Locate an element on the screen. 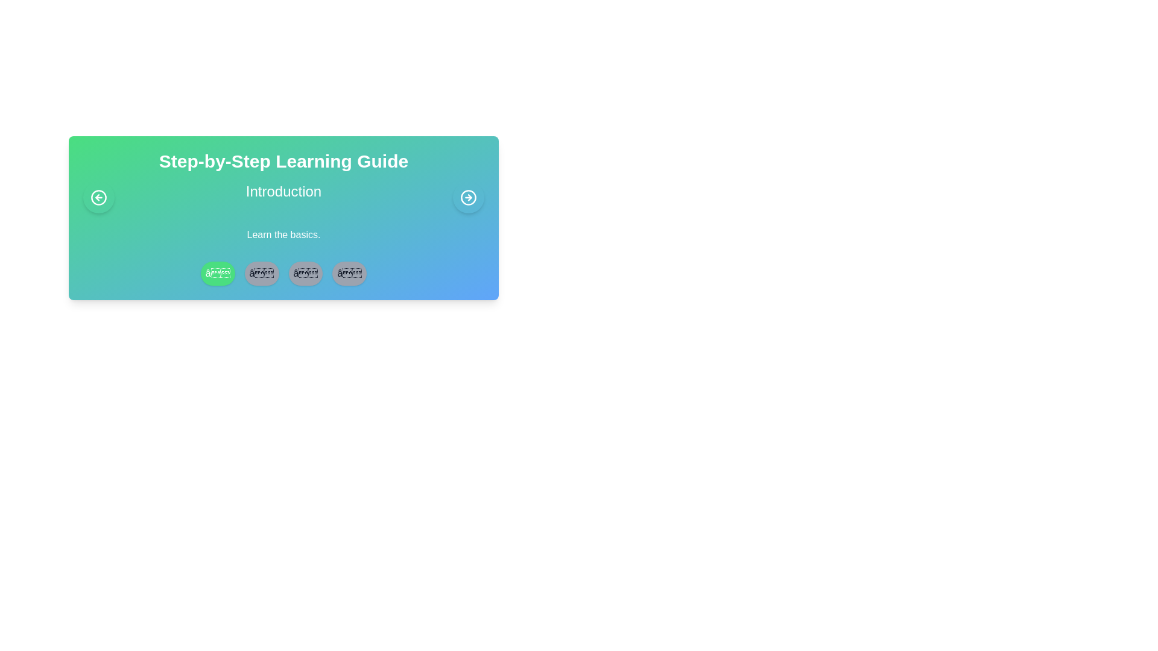 Image resolution: width=1158 pixels, height=651 pixels. the fourth circular button in a horizontal sequence of four buttons is located at coordinates (349, 274).